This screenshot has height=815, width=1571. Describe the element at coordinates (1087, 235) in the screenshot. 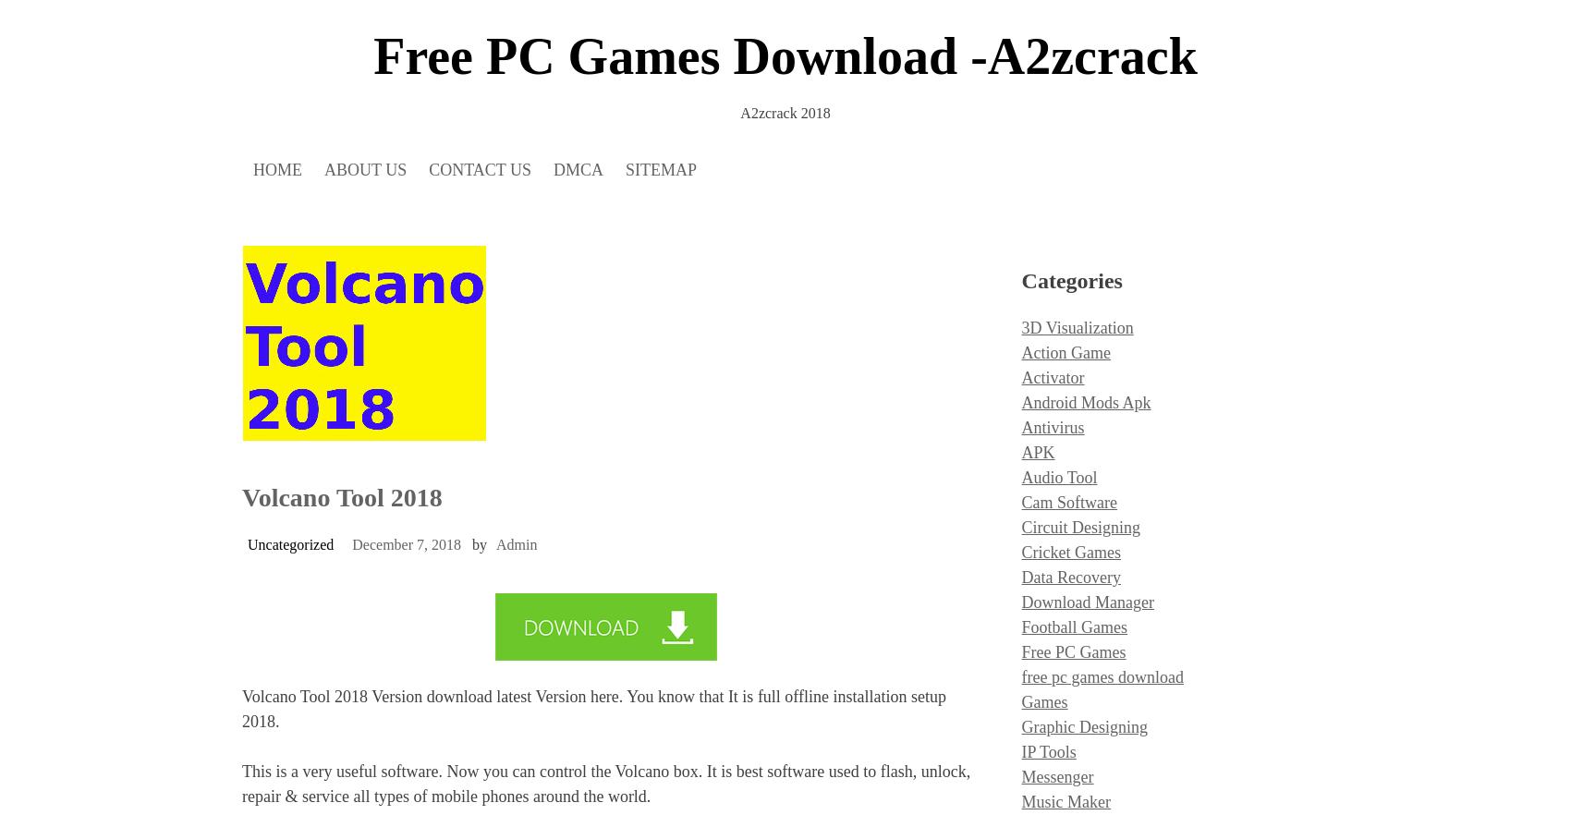

I see `'Photo Editing Tools'` at that location.